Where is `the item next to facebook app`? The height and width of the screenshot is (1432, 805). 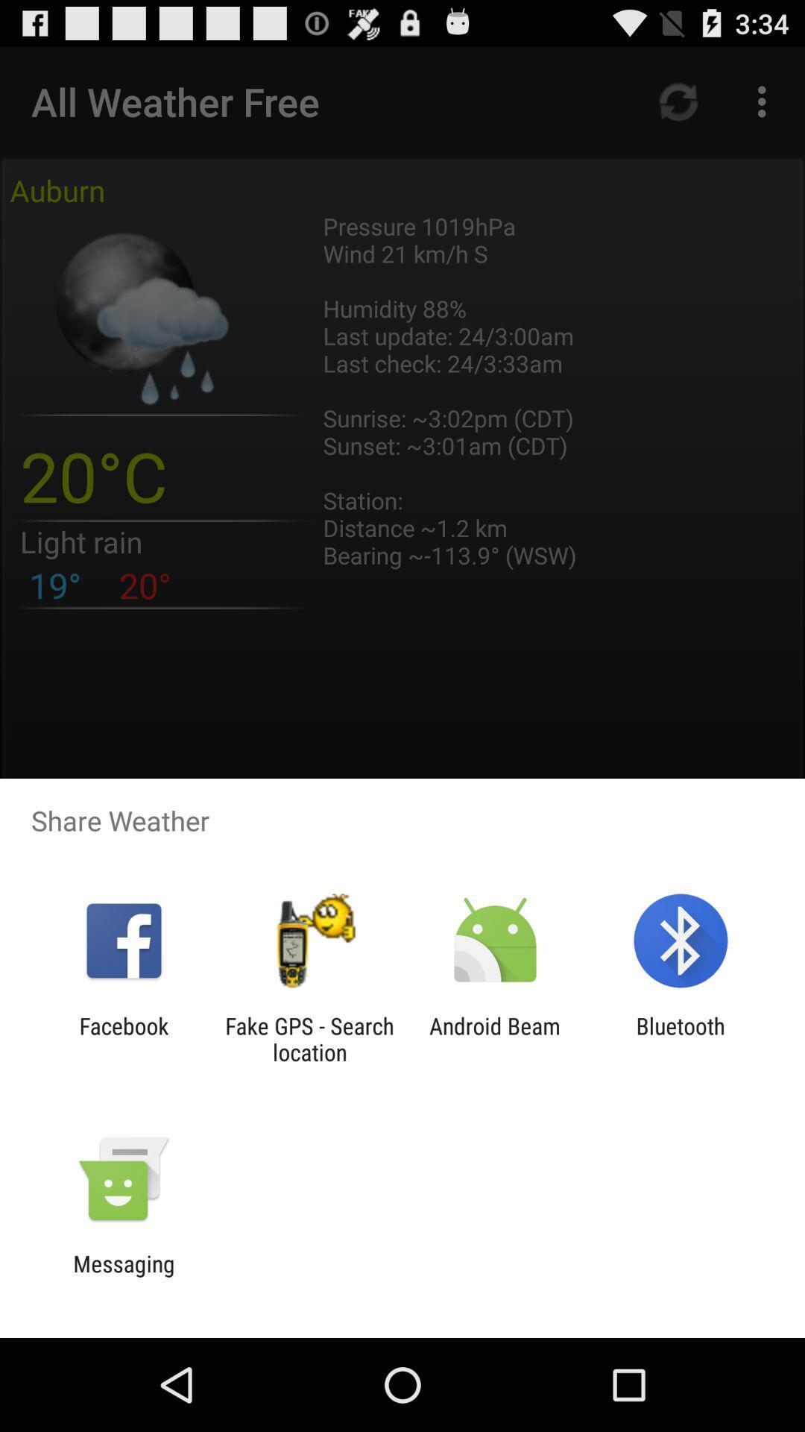 the item next to facebook app is located at coordinates (309, 1038).